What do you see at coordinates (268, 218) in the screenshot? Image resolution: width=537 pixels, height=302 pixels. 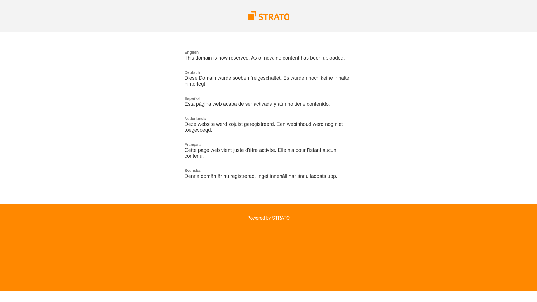 I see `'Powered by STRATO'` at bounding box center [268, 218].